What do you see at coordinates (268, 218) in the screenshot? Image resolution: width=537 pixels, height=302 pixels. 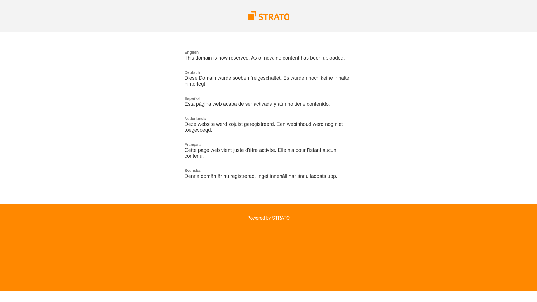 I see `'Powered by STRATO'` at bounding box center [268, 218].